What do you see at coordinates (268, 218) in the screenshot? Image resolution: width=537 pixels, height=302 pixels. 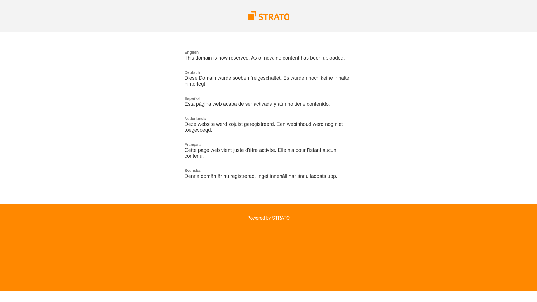 I see `'Powered by STRATO'` at bounding box center [268, 218].